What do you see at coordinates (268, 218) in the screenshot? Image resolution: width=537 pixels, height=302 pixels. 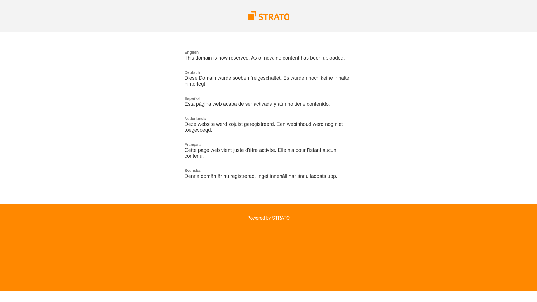 I see `'Powered by STRATO'` at bounding box center [268, 218].